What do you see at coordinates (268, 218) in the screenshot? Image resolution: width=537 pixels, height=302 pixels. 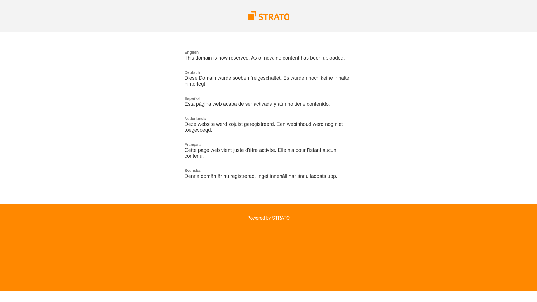 I see `'Powered by STRATO'` at bounding box center [268, 218].